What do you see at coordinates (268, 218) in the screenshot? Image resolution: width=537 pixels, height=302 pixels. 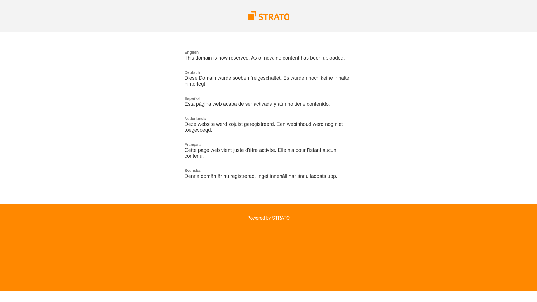 I see `'Powered by STRATO'` at bounding box center [268, 218].